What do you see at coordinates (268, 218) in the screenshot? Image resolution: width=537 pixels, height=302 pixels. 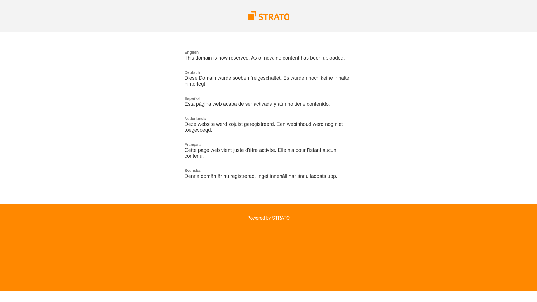 I see `'Powered by STRATO'` at bounding box center [268, 218].